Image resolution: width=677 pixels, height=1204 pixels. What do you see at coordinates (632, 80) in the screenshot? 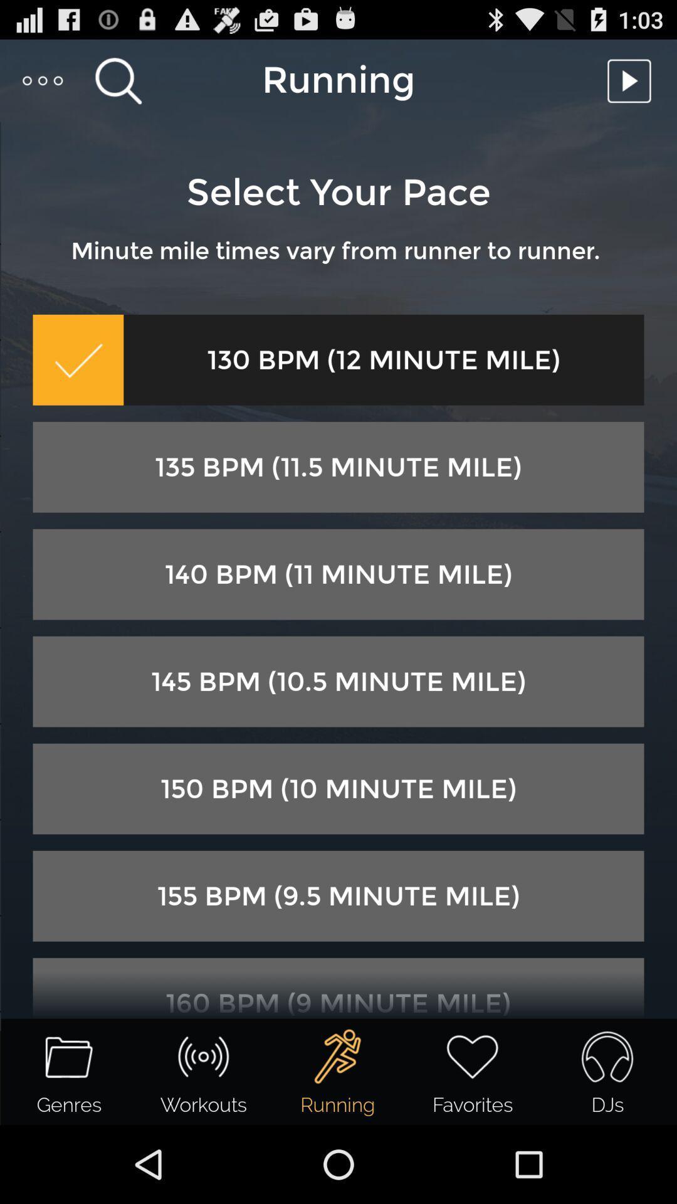
I see `play` at bounding box center [632, 80].